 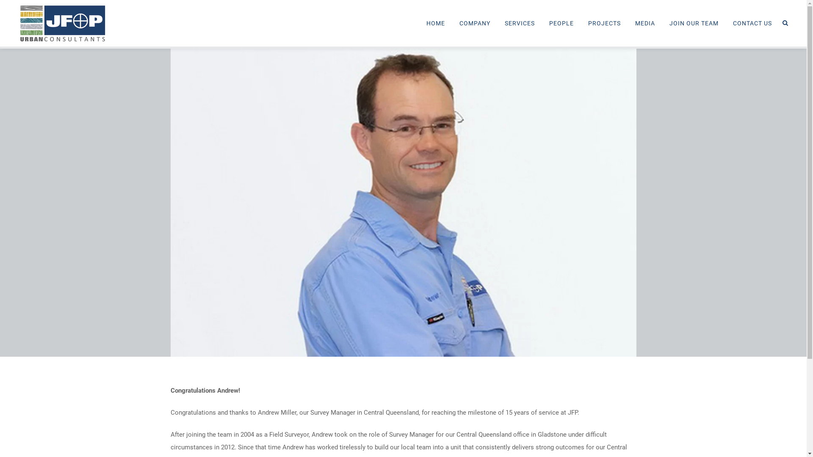 I want to click on 'PEOPLE', so click(x=561, y=22).